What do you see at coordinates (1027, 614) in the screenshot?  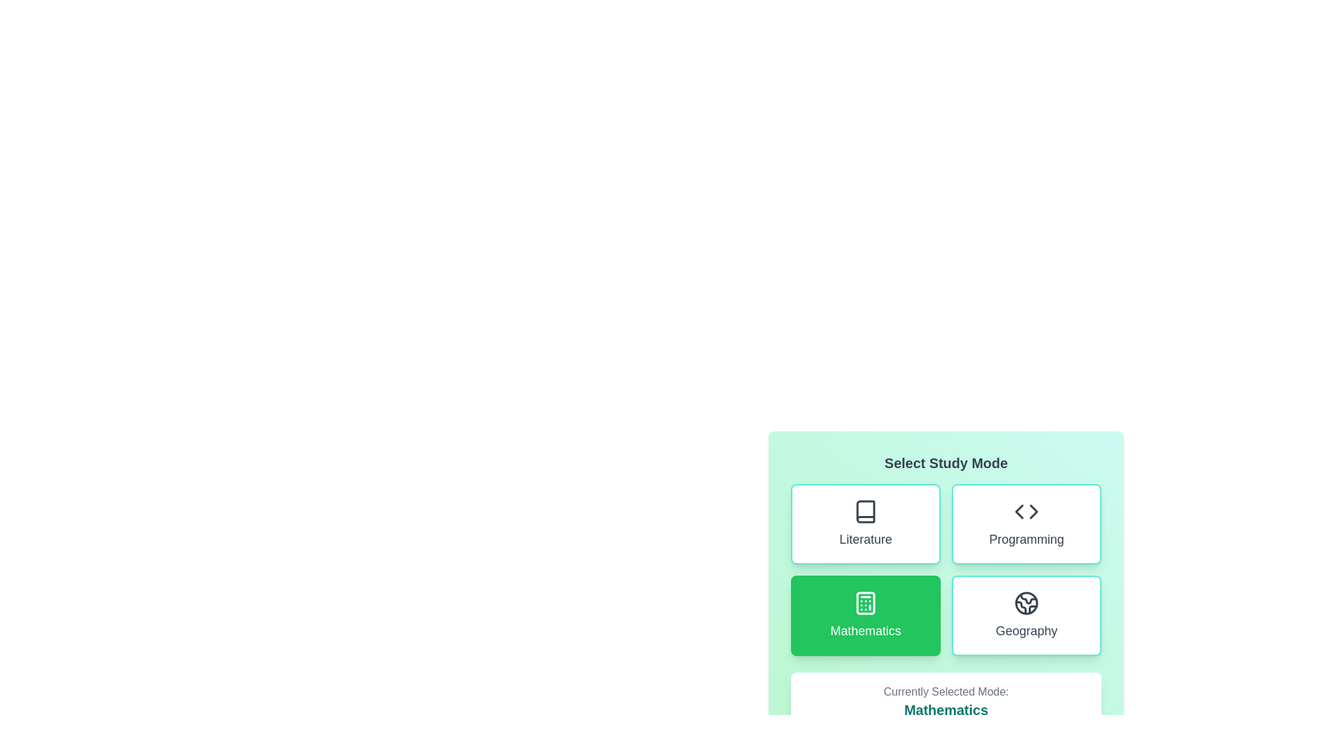 I see `the button for Geography to observe visual changes` at bounding box center [1027, 614].